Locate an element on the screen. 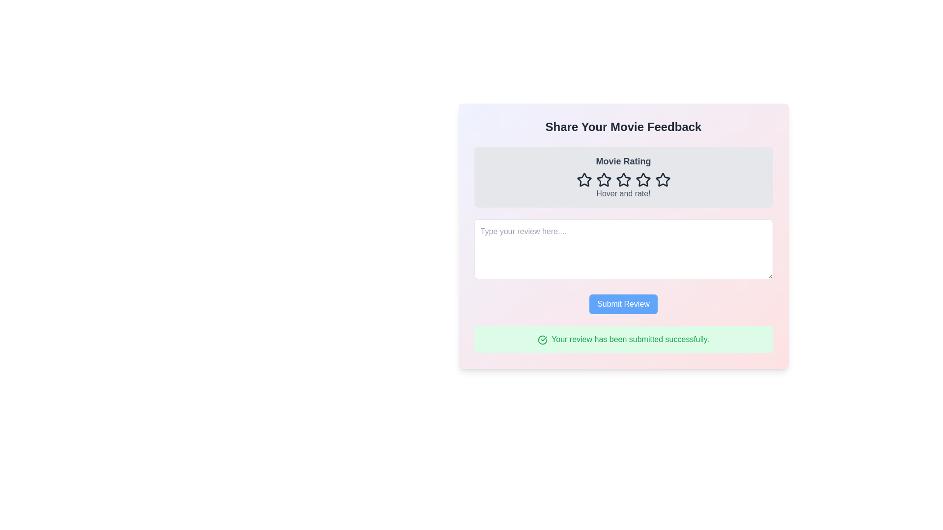 Image resolution: width=943 pixels, height=530 pixels. the first star icon is located at coordinates (584, 180).